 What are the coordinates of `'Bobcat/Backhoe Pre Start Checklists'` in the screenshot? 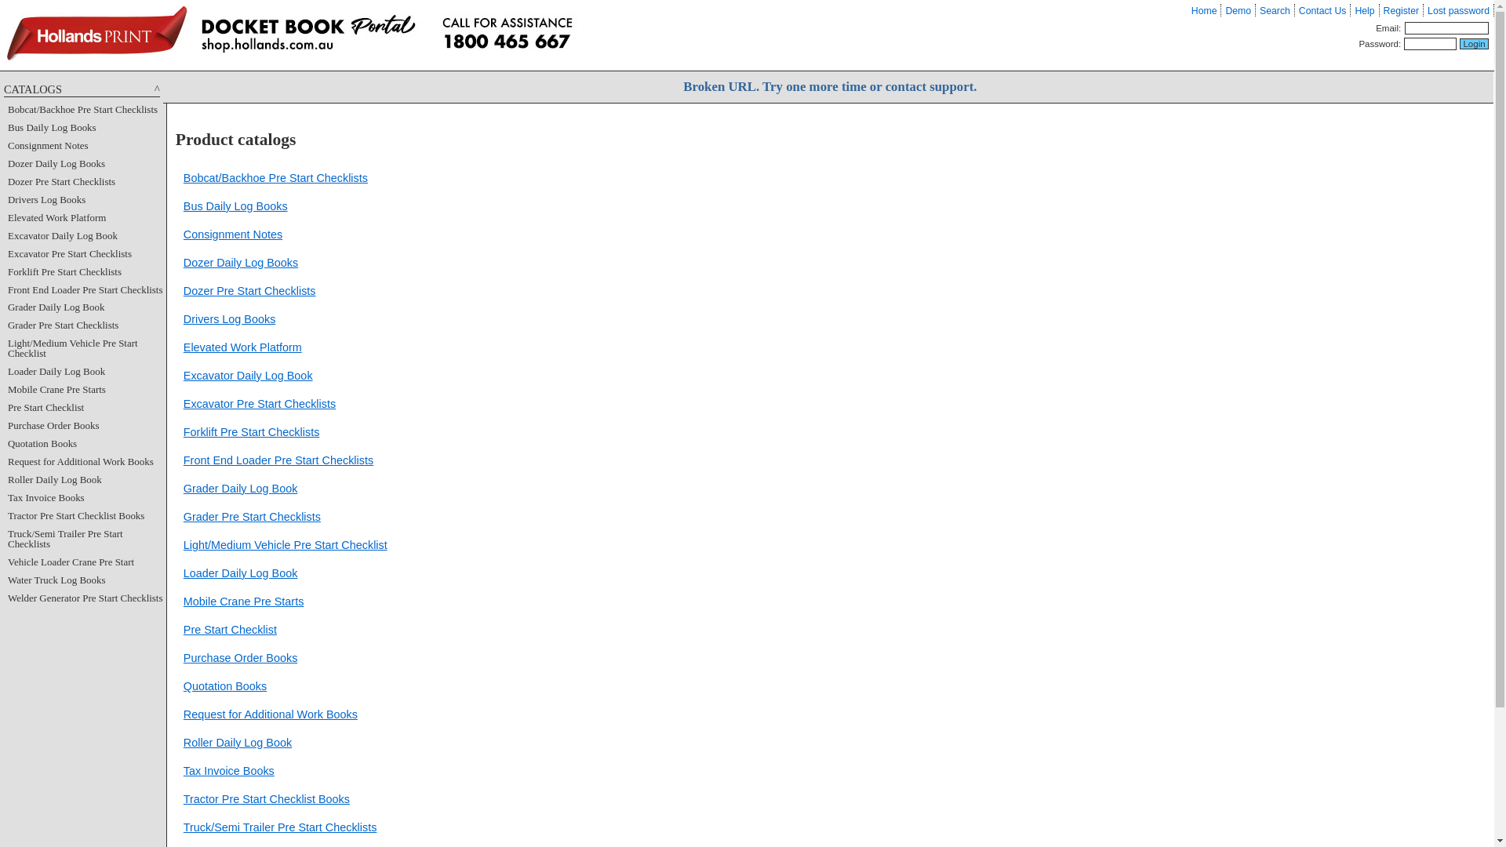 It's located at (275, 177).